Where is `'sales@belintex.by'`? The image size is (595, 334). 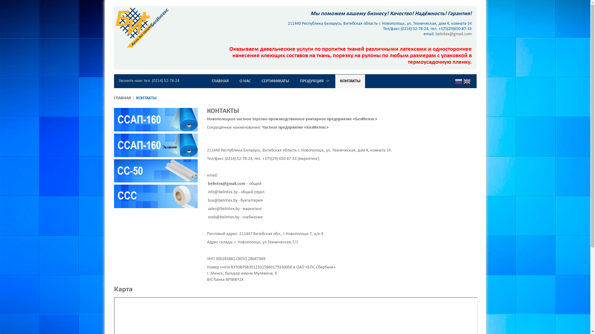
'sales@belintex.by' is located at coordinates (223, 209).